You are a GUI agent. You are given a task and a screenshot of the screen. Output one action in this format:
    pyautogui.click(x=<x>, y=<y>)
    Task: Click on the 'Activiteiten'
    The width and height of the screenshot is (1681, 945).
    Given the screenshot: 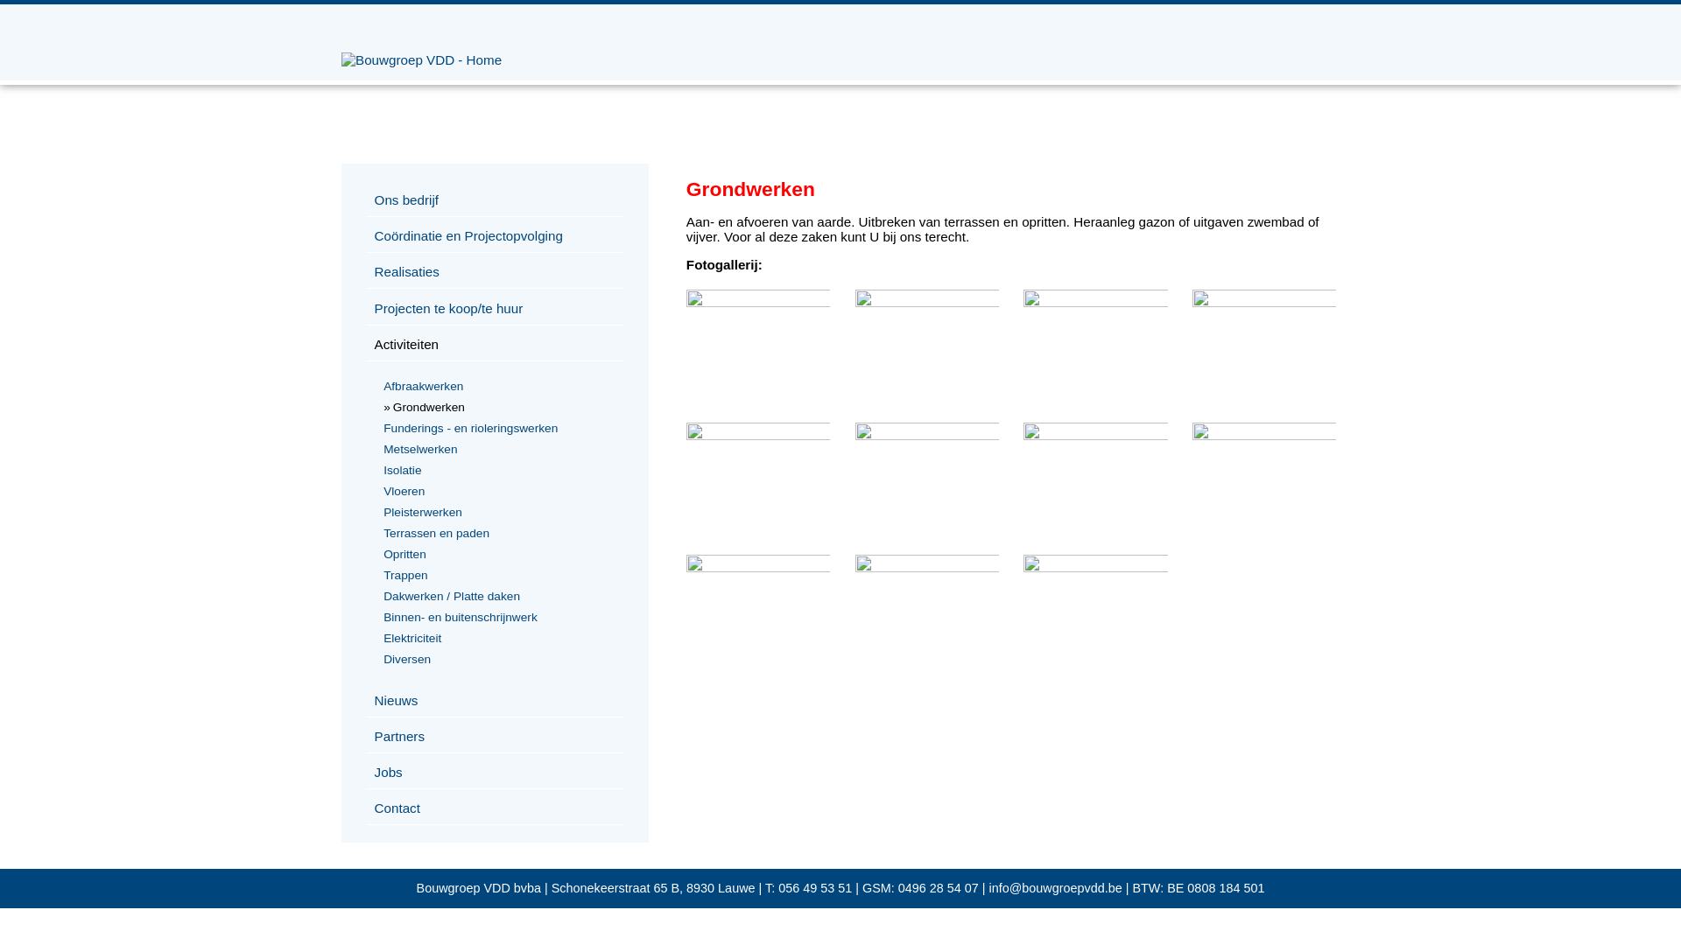 What is the action you would take?
    pyautogui.click(x=364, y=344)
    